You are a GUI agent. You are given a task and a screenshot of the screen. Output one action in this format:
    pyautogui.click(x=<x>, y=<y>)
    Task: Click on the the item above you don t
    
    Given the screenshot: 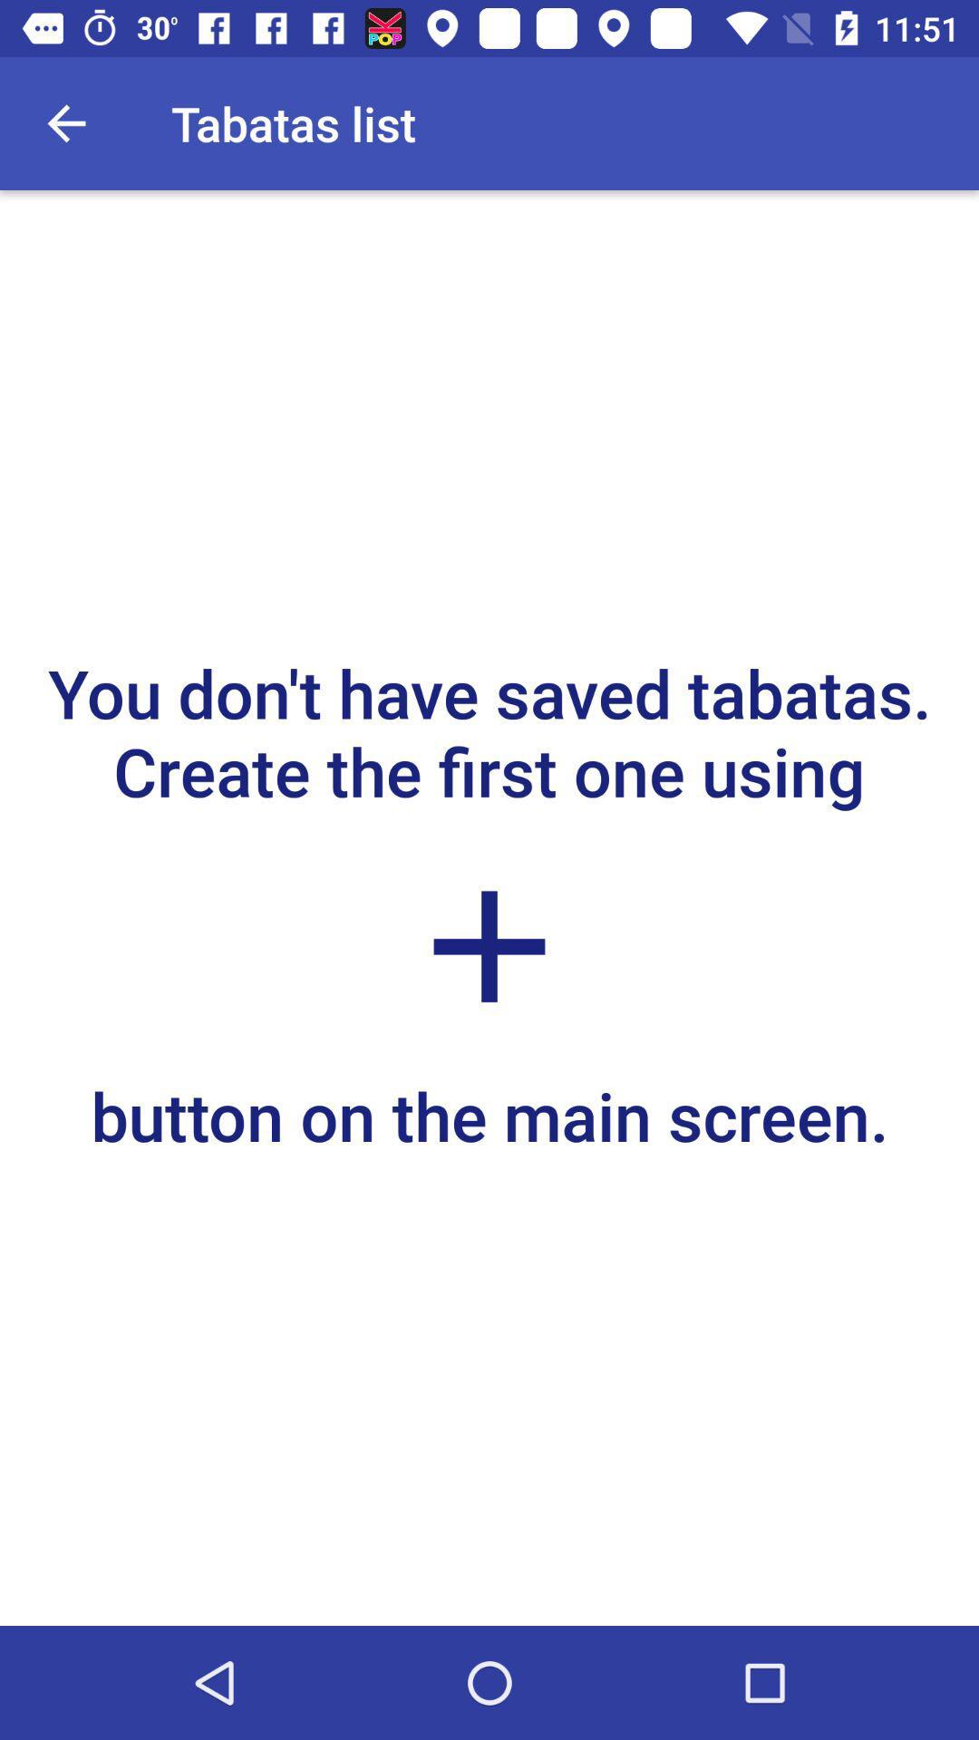 What is the action you would take?
    pyautogui.click(x=65, y=122)
    